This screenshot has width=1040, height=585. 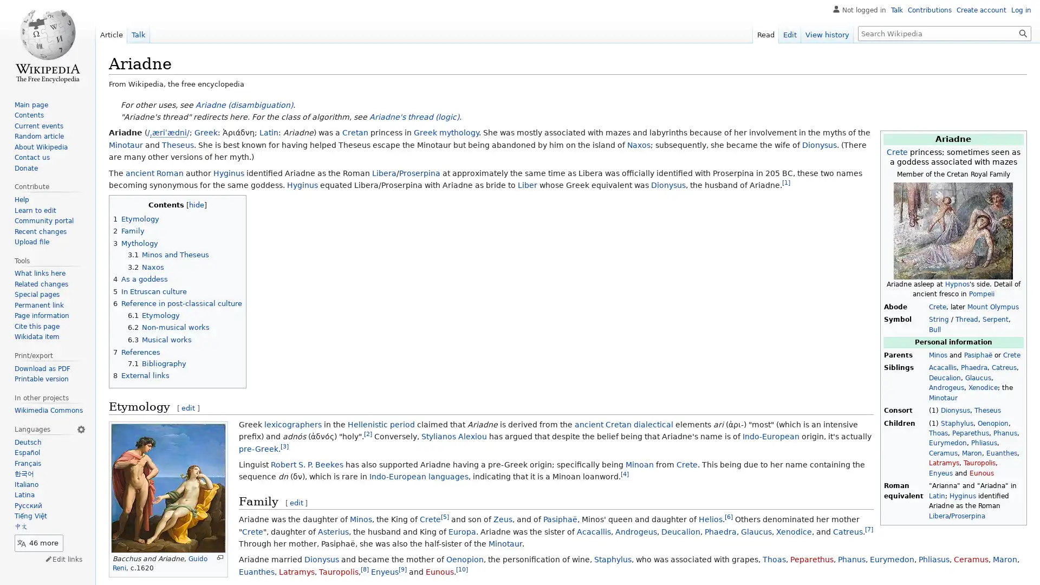 I want to click on Go, so click(x=1023, y=32).